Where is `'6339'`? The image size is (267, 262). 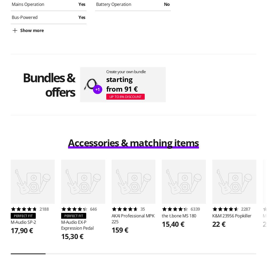 '6339' is located at coordinates (195, 209).